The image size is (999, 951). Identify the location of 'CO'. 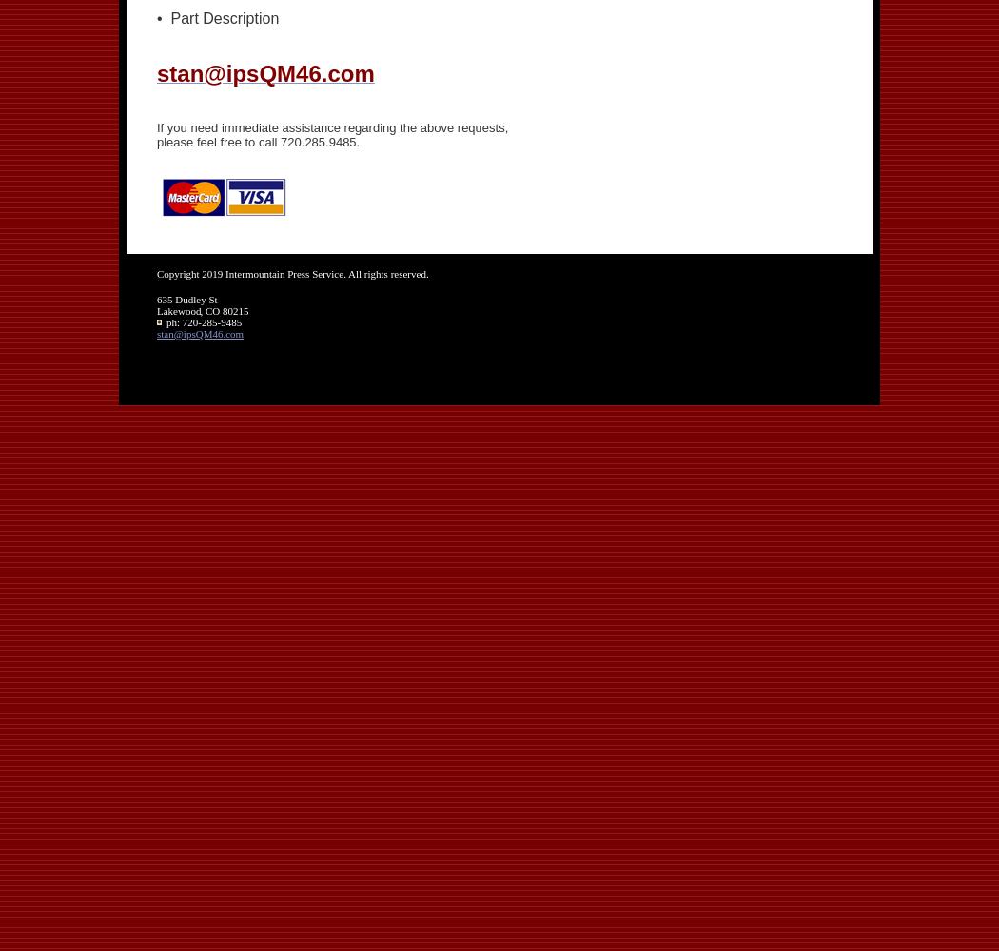
(211, 309).